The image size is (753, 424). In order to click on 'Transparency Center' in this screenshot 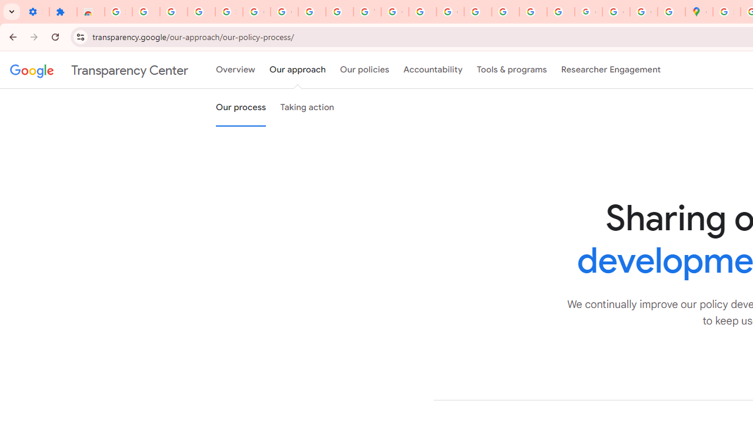, I will do `click(99, 70)`.